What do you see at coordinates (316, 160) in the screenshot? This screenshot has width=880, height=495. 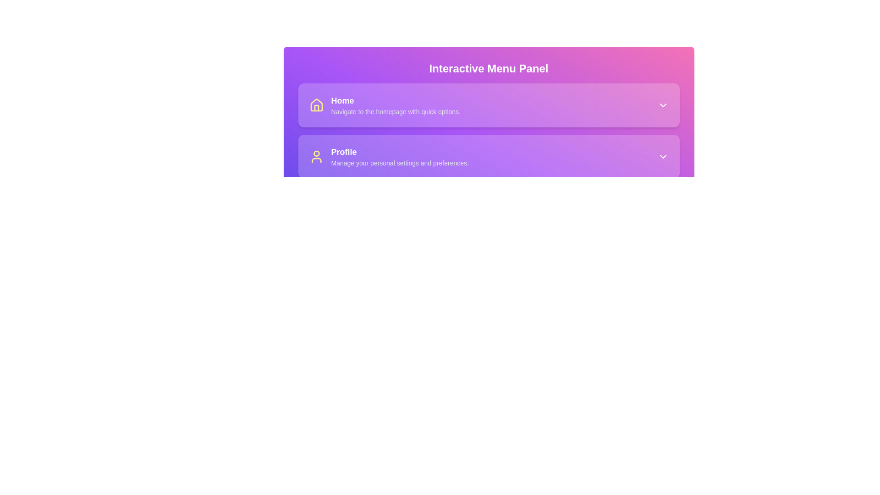 I see `the yellow curved line that forms the bottom portion of the user profile icon in the Profile section of the interactive menu panel` at bounding box center [316, 160].